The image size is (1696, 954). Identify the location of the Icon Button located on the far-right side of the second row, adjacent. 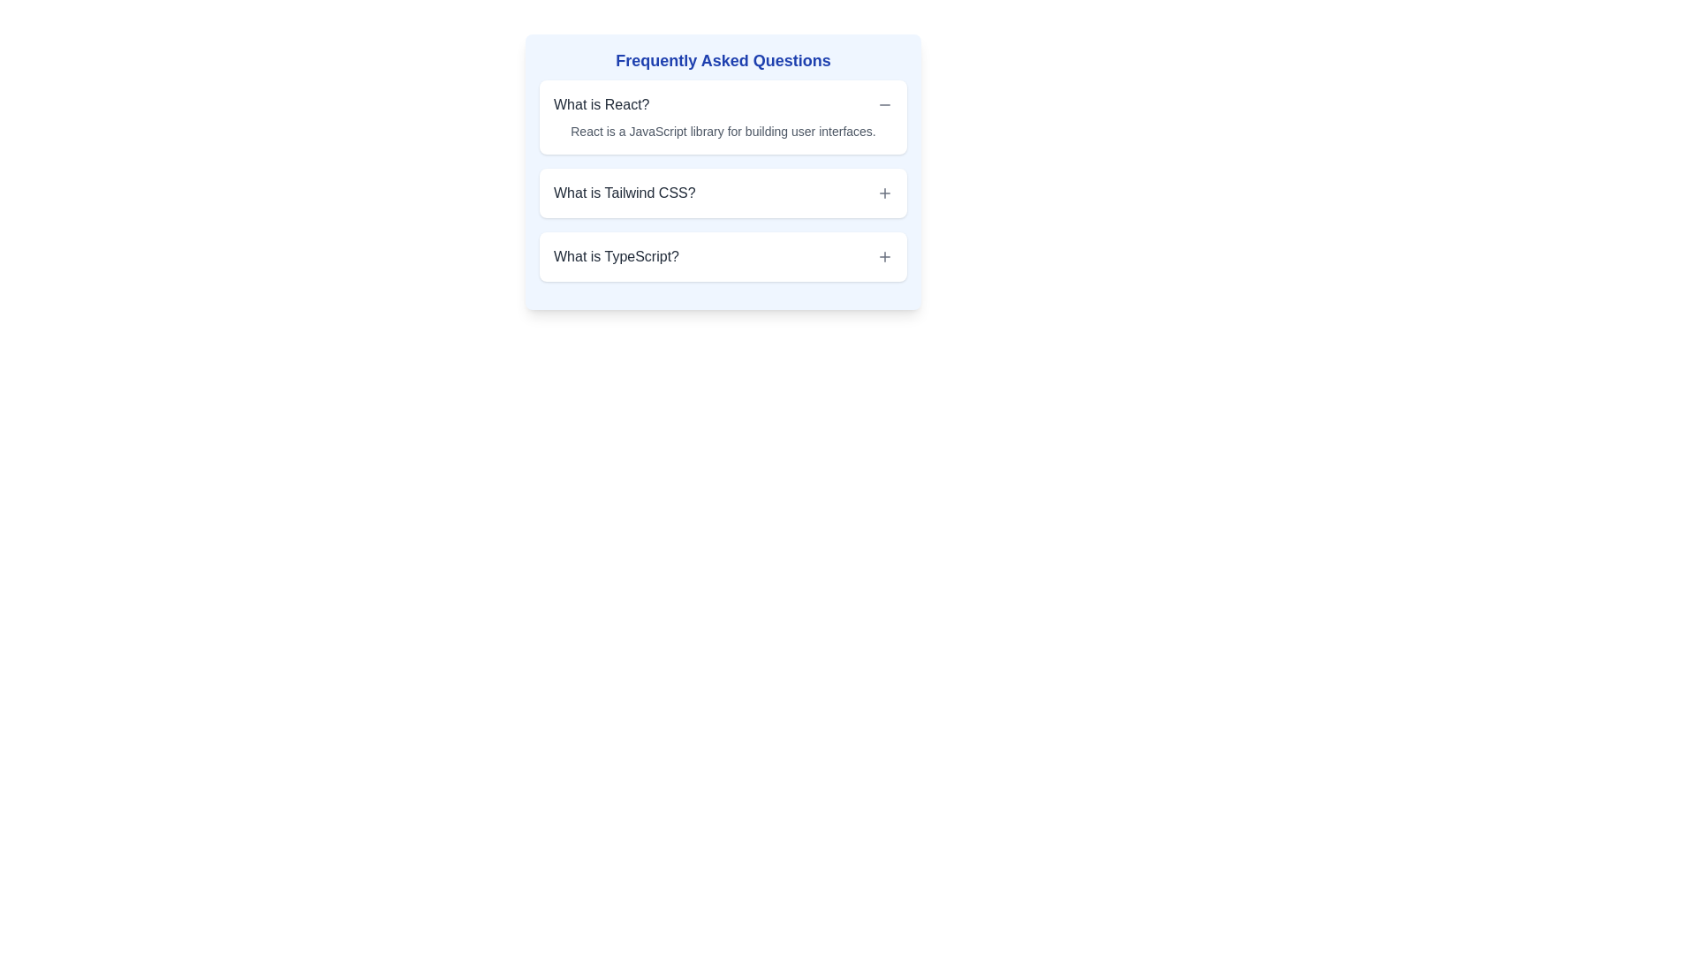
(885, 193).